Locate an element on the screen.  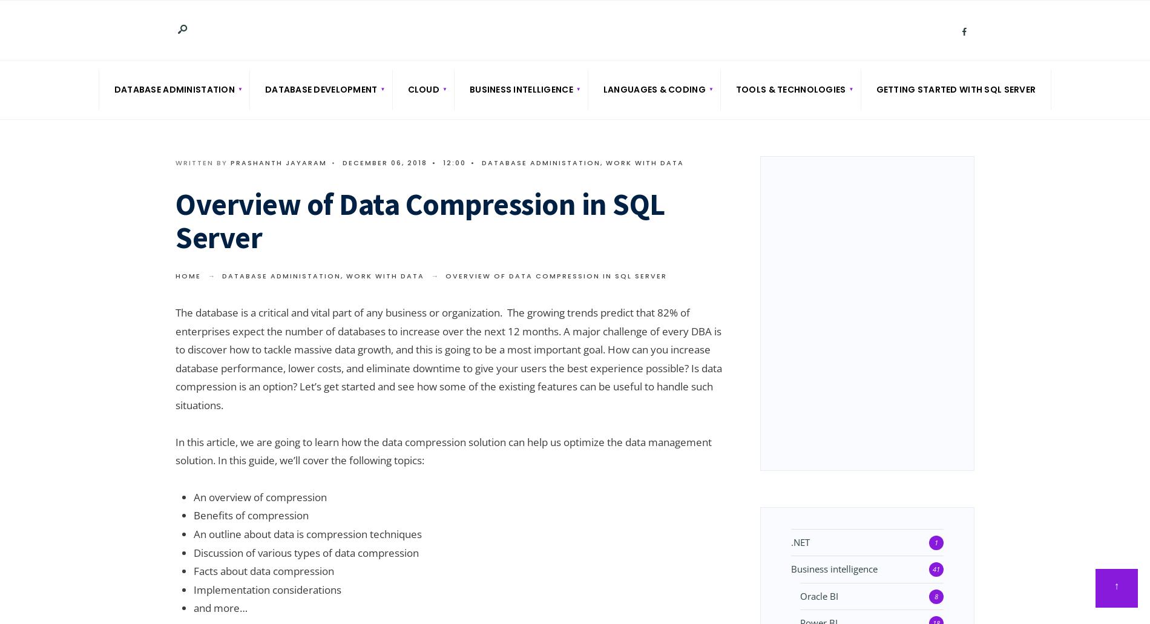
'.NET' is located at coordinates (800, 542).